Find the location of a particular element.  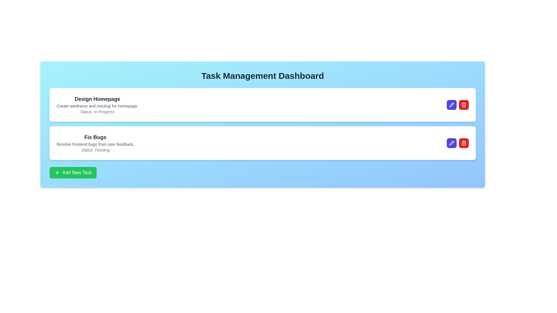

the red delete button with a trash bin icon located to the right of the blue edit button in the task list grid is located at coordinates (463, 105).